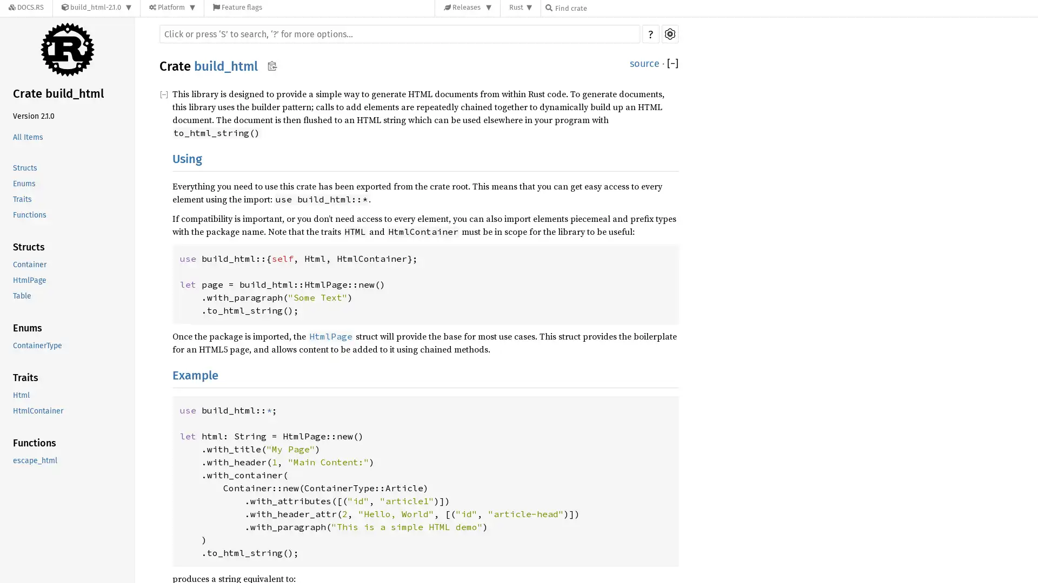 Image resolution: width=1038 pixels, height=583 pixels. What do you see at coordinates (272, 66) in the screenshot?
I see `Copy item path` at bounding box center [272, 66].